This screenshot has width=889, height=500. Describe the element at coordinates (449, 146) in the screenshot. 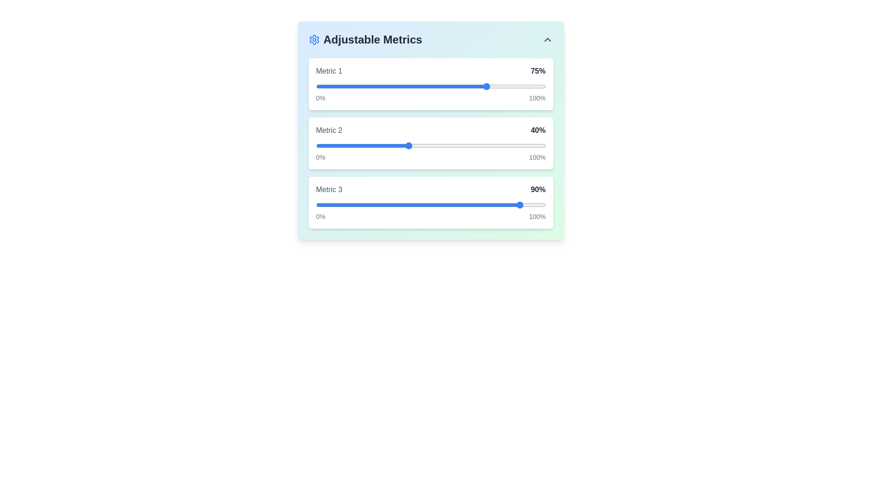

I see `Metric 2 value` at that location.